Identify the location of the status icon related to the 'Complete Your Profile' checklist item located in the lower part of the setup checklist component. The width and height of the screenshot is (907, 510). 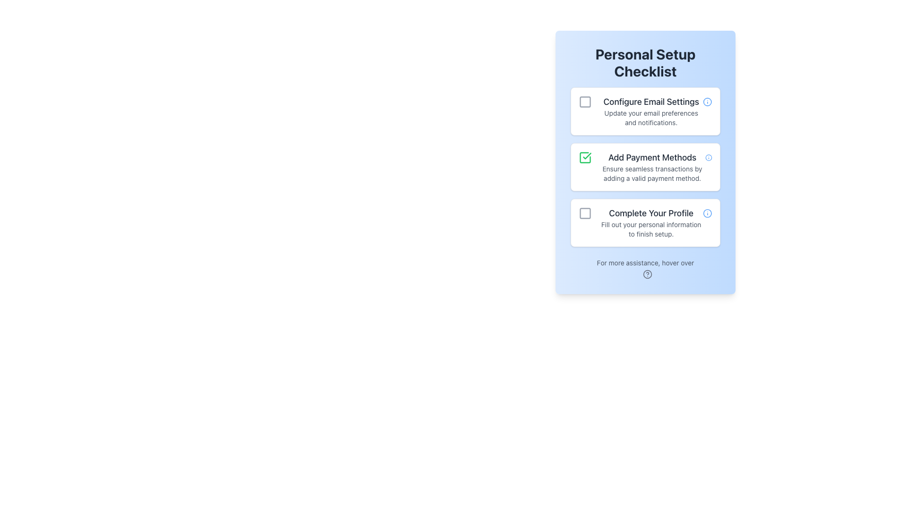
(584, 213).